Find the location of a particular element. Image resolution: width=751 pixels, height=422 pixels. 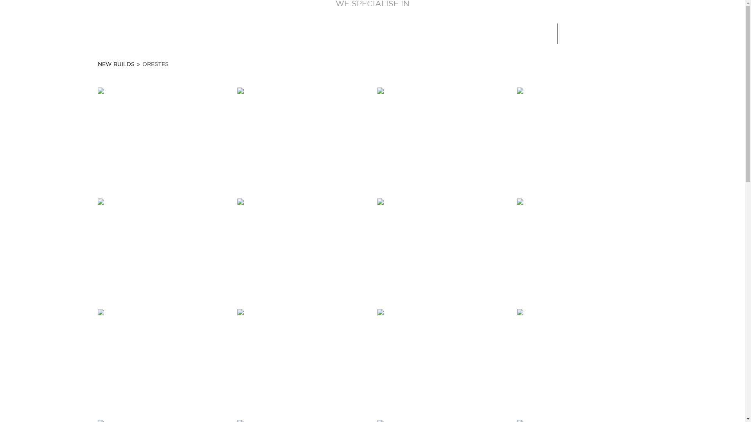

'SERVICES' is located at coordinates (291, 32).